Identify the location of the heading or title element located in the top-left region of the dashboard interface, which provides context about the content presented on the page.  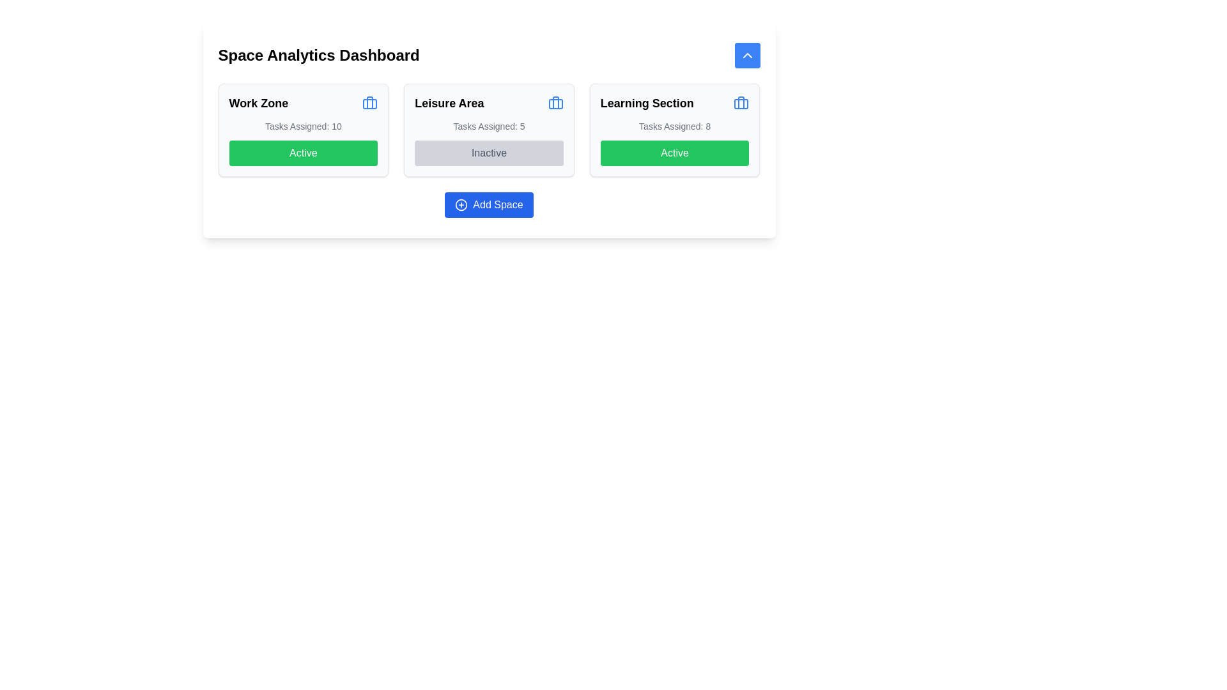
(319, 55).